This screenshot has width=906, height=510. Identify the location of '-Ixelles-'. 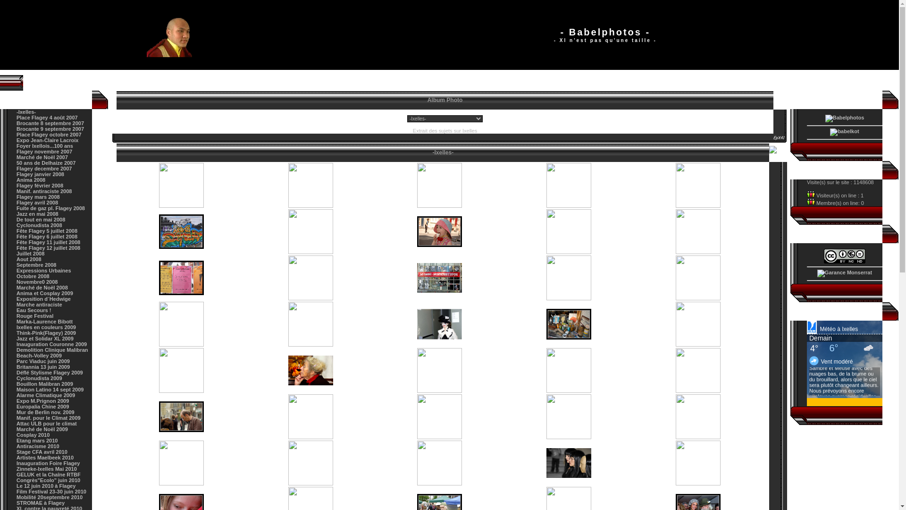
(26, 111).